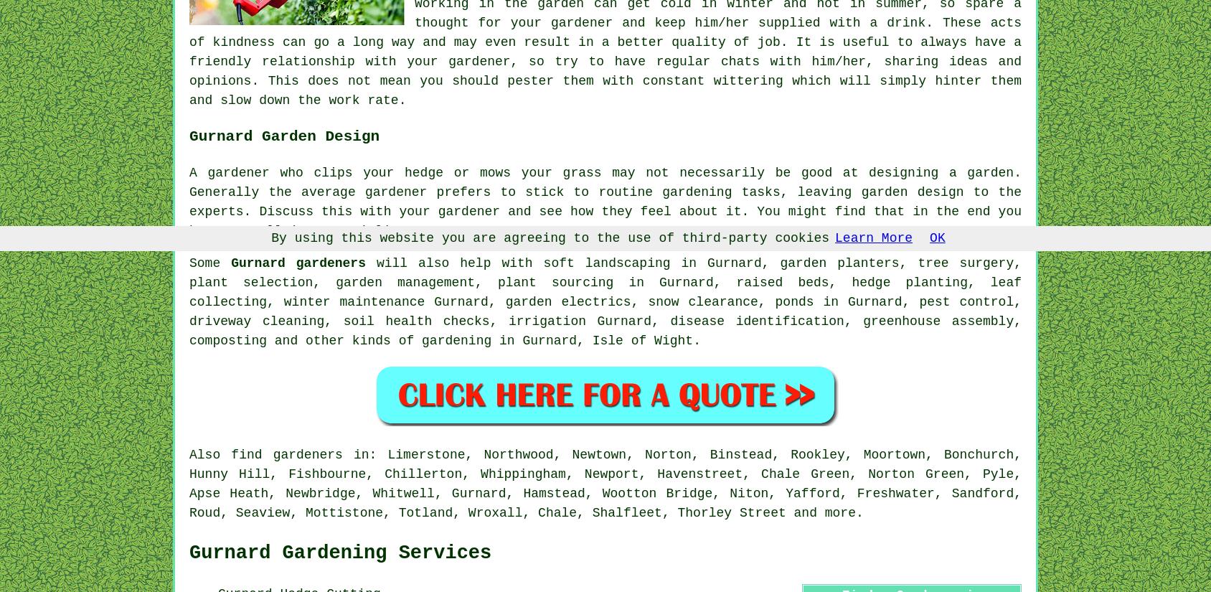 The image size is (1211, 592). Describe the element at coordinates (605, 301) in the screenshot. I see `', plant sourcing in Gurnard, raised beds, hedge planting, leaf collecting, winter maintenance Gurnard, garden electrics, snow clearance, ponds in Gurnard, pest control, driveway cleaning, soil health checks, irrigation Gurnard,'` at that location.